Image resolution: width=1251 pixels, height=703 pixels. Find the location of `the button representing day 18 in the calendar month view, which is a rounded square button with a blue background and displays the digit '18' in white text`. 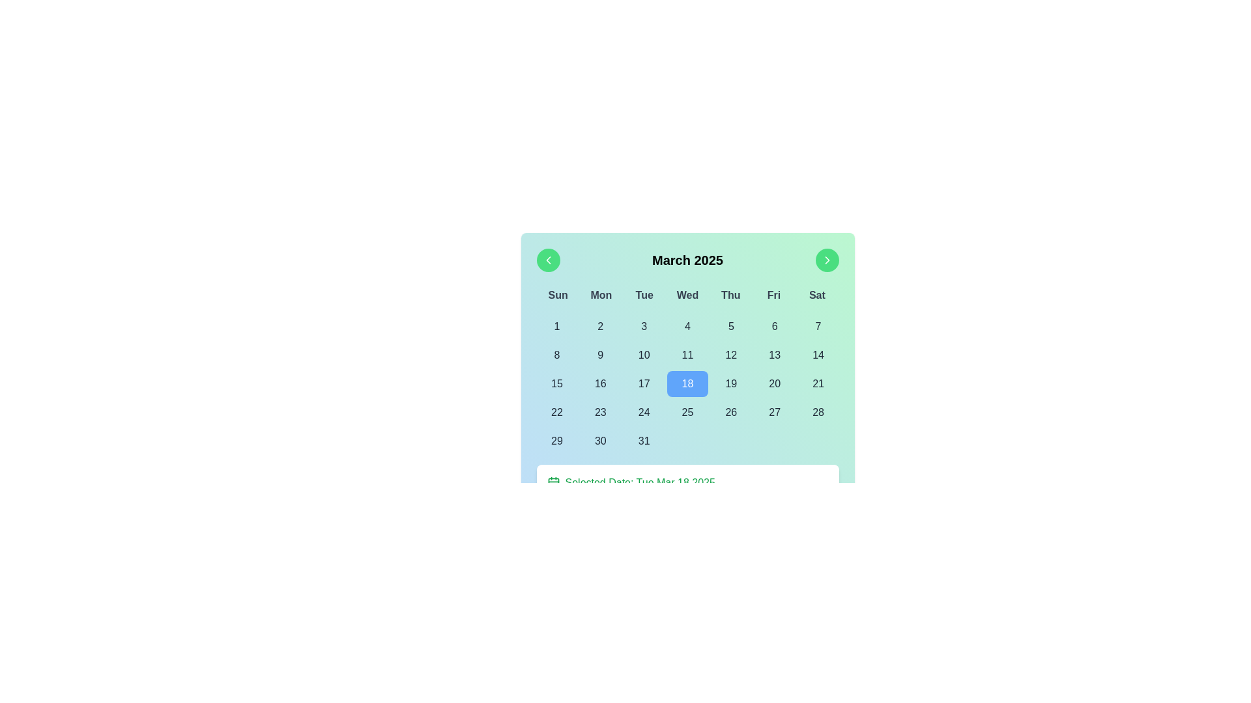

the button representing day 18 in the calendar month view, which is a rounded square button with a blue background and displays the digit '18' in white text is located at coordinates (687, 383).